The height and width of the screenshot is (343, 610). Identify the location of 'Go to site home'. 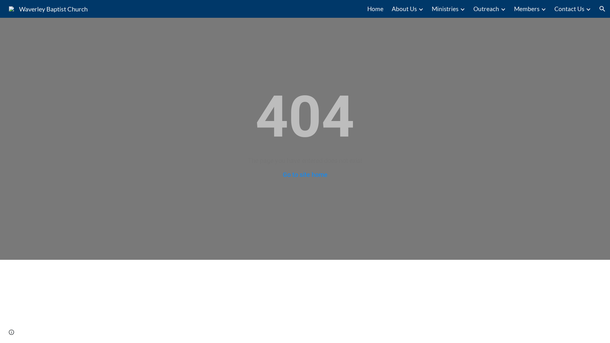
(282, 175).